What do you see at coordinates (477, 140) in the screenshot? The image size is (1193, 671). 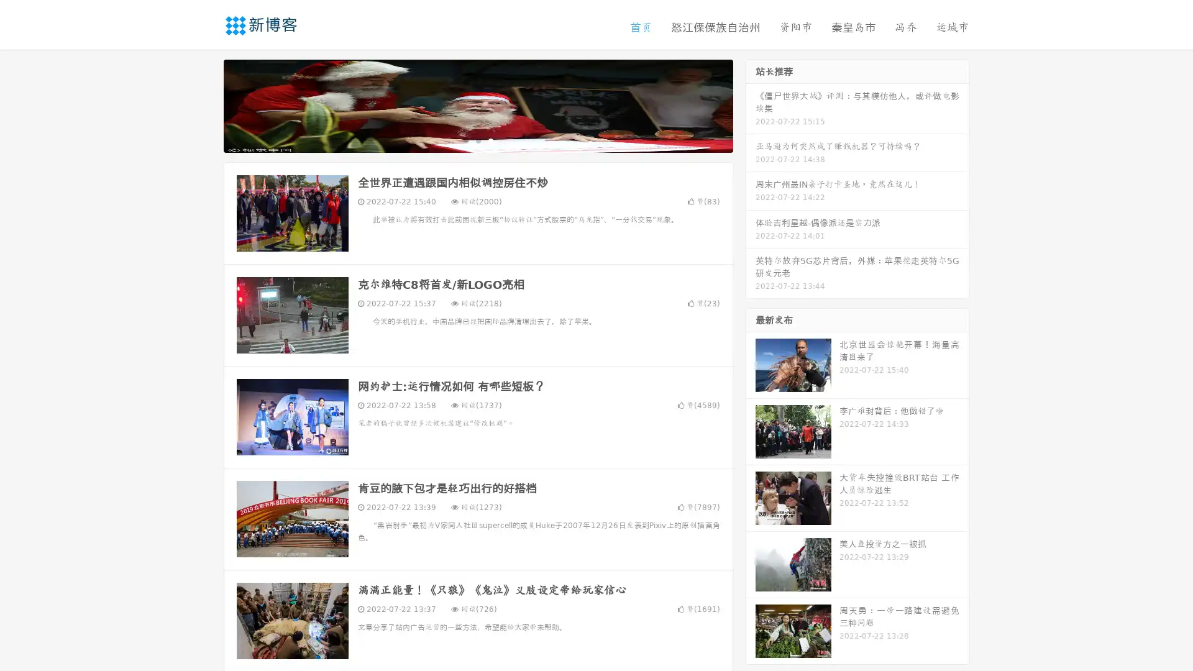 I see `Go to slide 2` at bounding box center [477, 140].